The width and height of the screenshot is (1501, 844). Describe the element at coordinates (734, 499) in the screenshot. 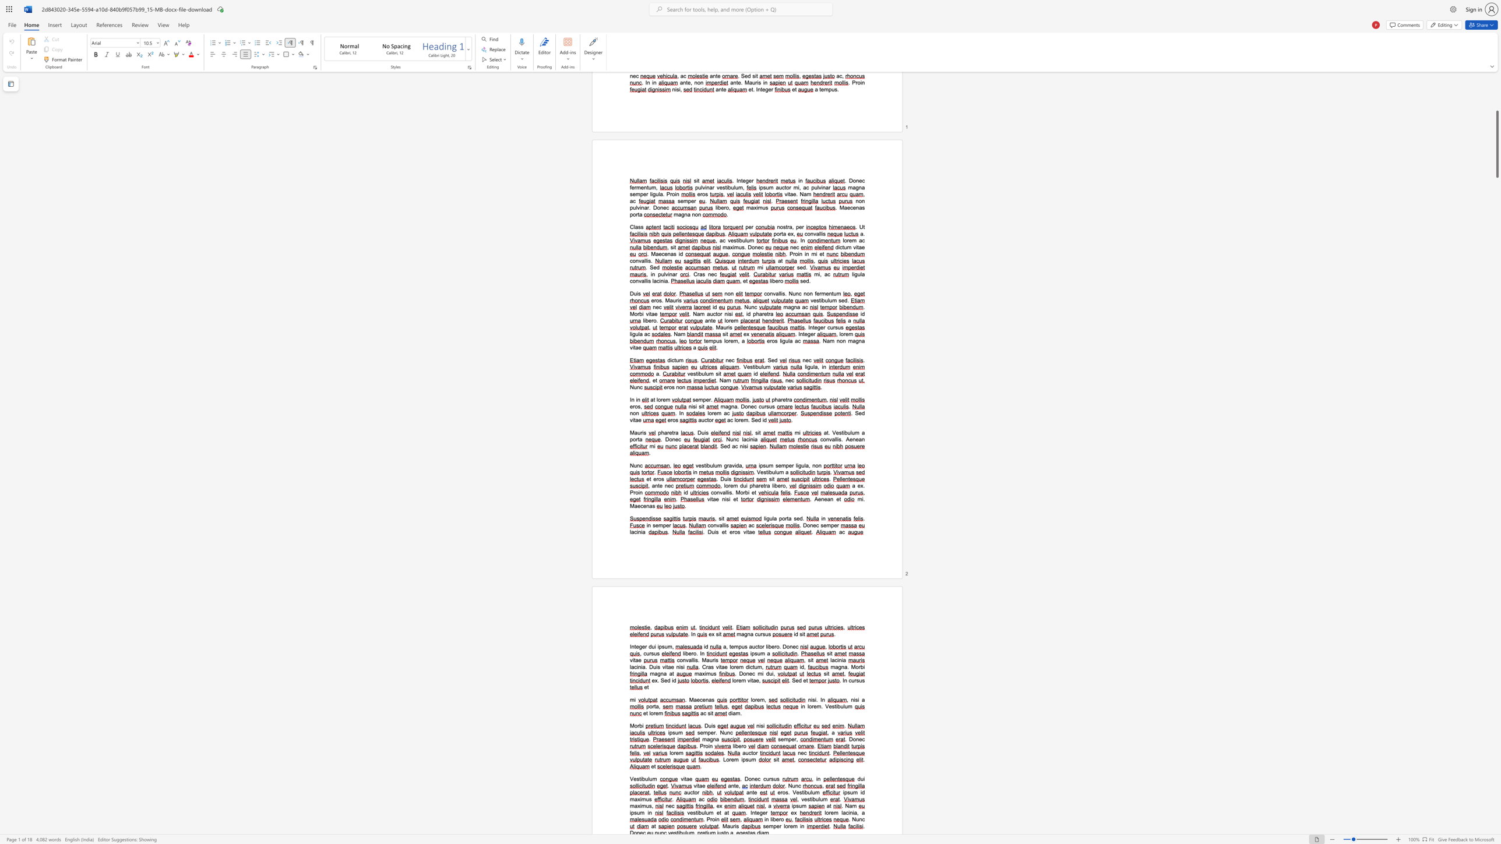

I see `the 2th character "e" in the text` at that location.